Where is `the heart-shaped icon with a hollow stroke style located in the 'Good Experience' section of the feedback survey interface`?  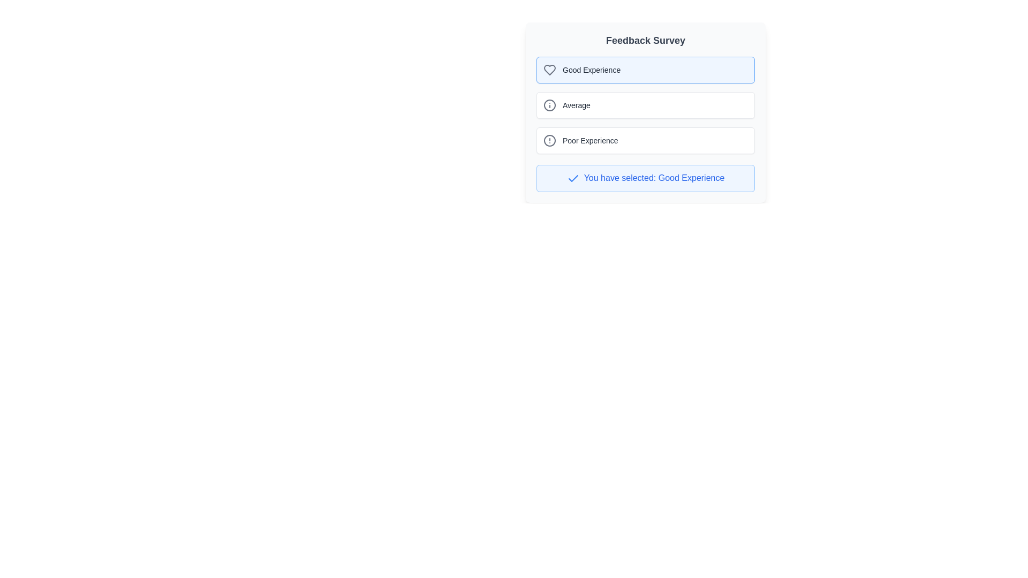
the heart-shaped icon with a hollow stroke style located in the 'Good Experience' section of the feedback survey interface is located at coordinates (550, 70).